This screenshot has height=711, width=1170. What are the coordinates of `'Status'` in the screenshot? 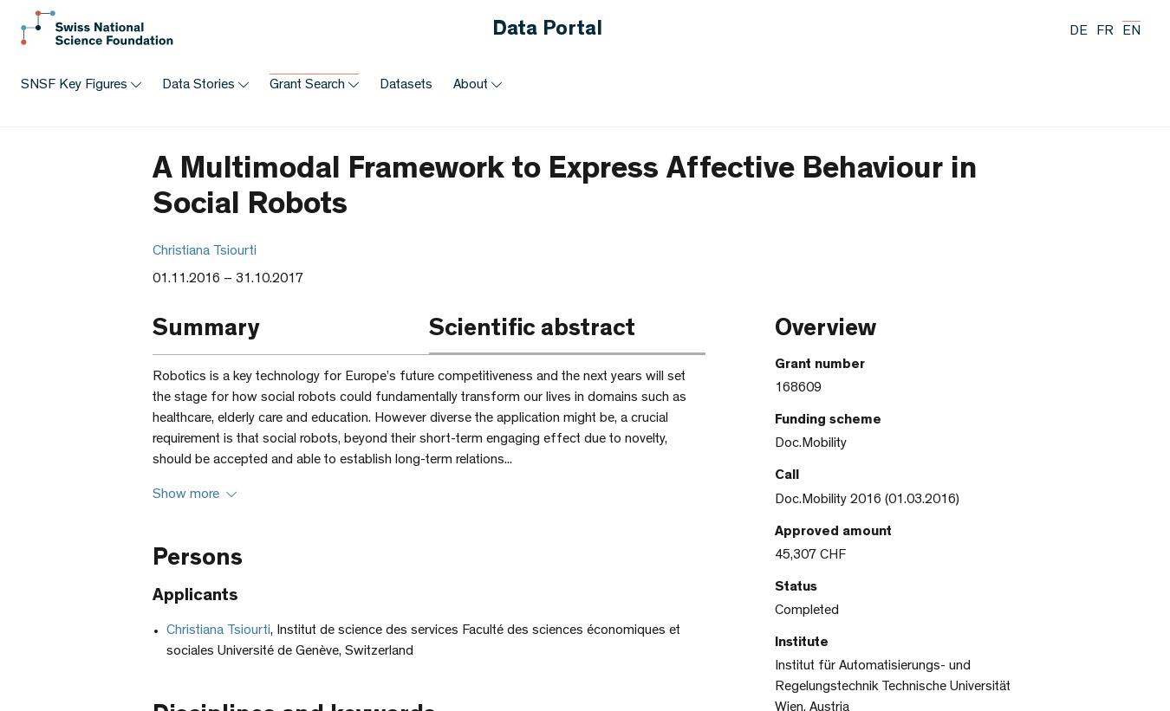 It's located at (774, 585).